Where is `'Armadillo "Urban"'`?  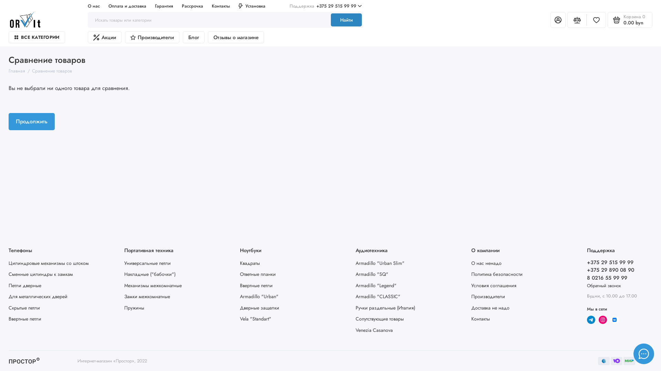
'Armadillo "Urban"' is located at coordinates (259, 296).